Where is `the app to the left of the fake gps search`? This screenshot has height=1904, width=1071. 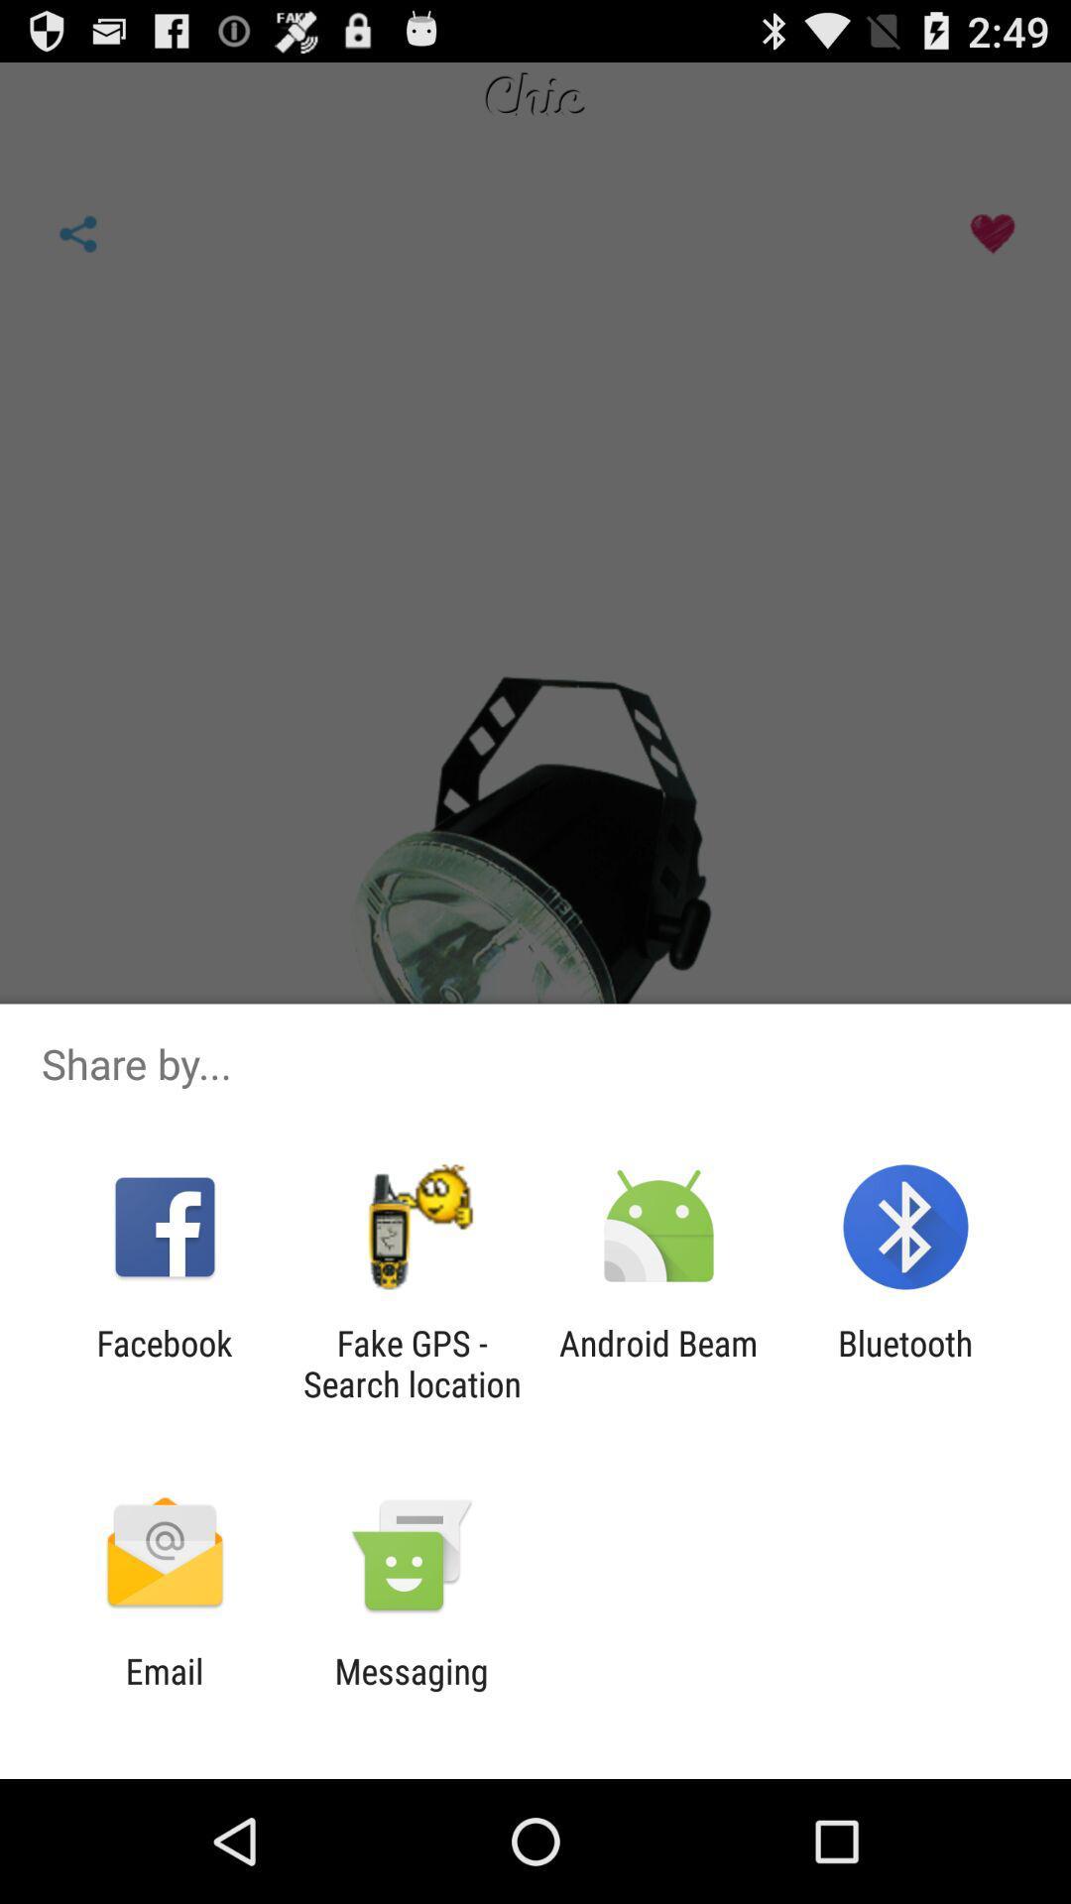 the app to the left of the fake gps search is located at coordinates (164, 1363).